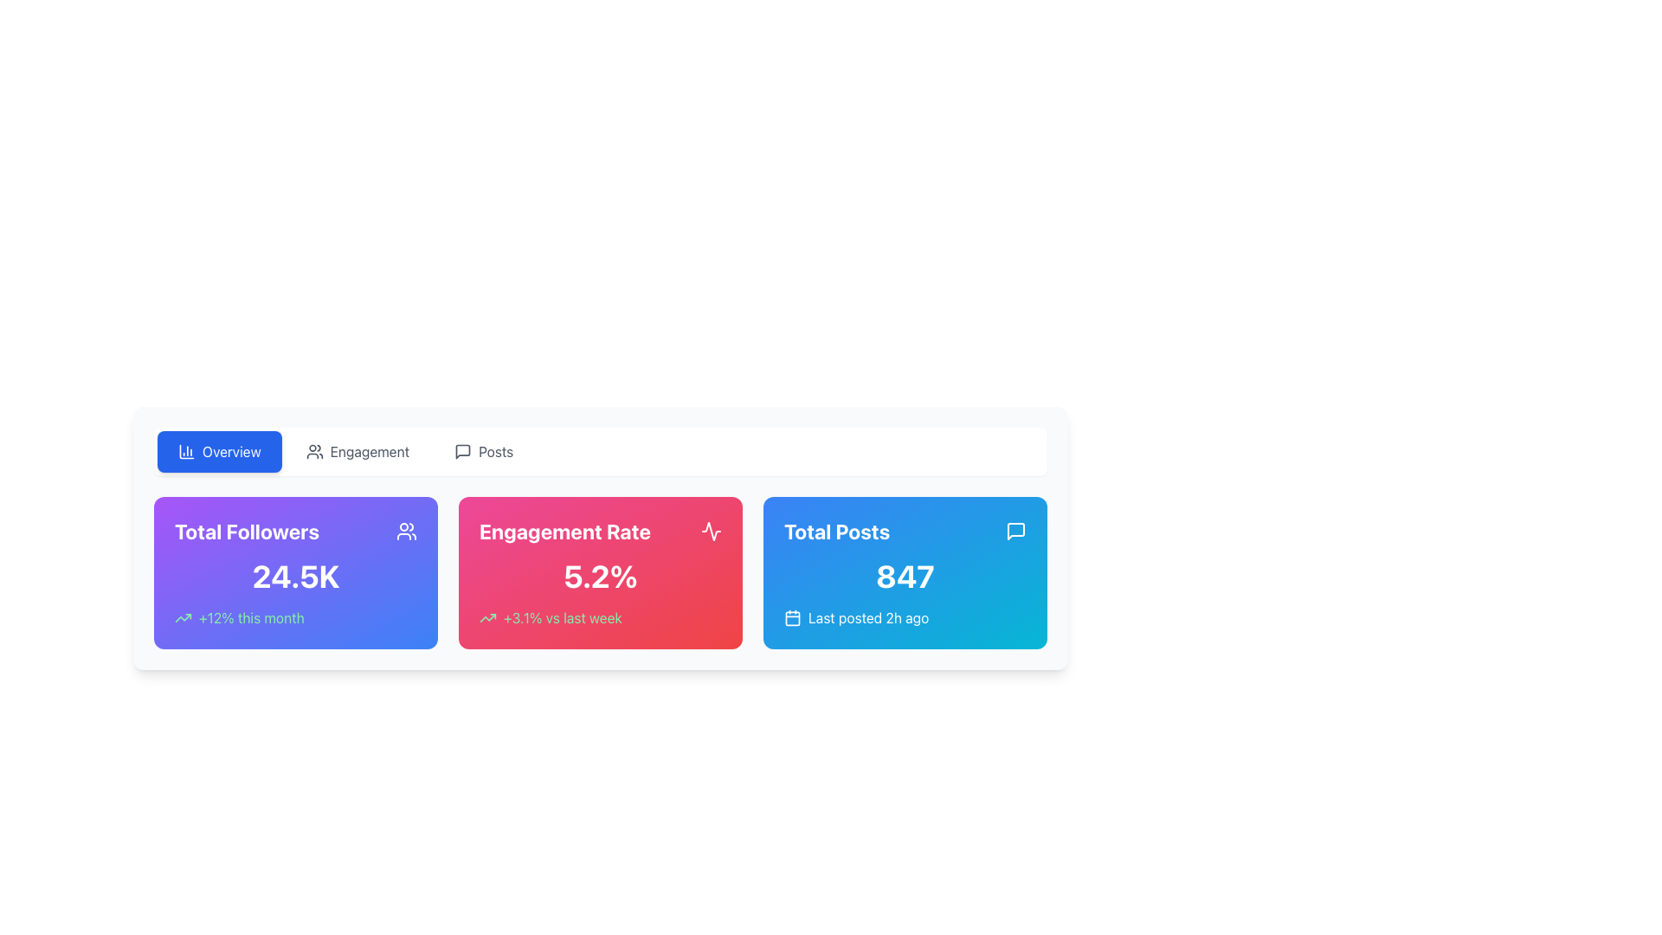  Describe the element at coordinates (563, 616) in the screenshot. I see `the Text Label that provides additional information about the change in engagement rate, which is located in the bottom section of the 'Engagement Rate' card, aligned with an upward trending icon to its left` at that location.